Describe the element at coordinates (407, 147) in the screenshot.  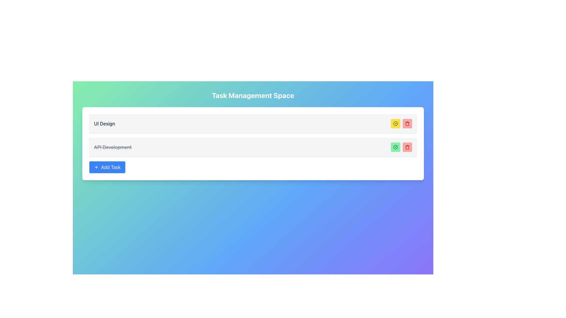
I see `the red trash can icon in the second task row` at that location.